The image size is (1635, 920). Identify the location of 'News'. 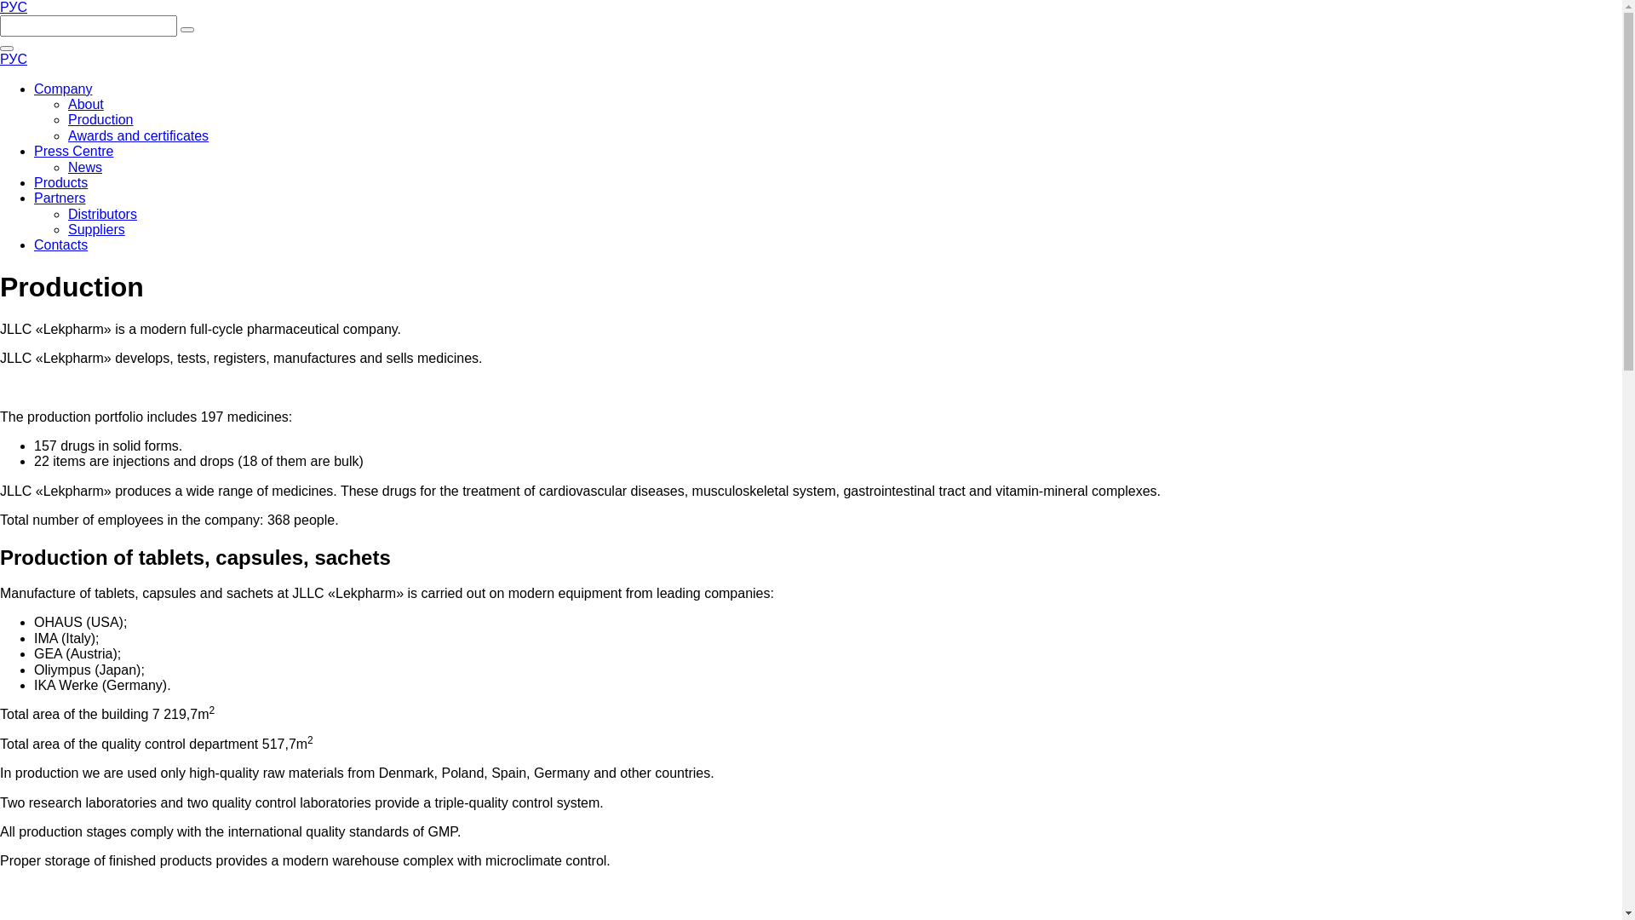
(68, 167).